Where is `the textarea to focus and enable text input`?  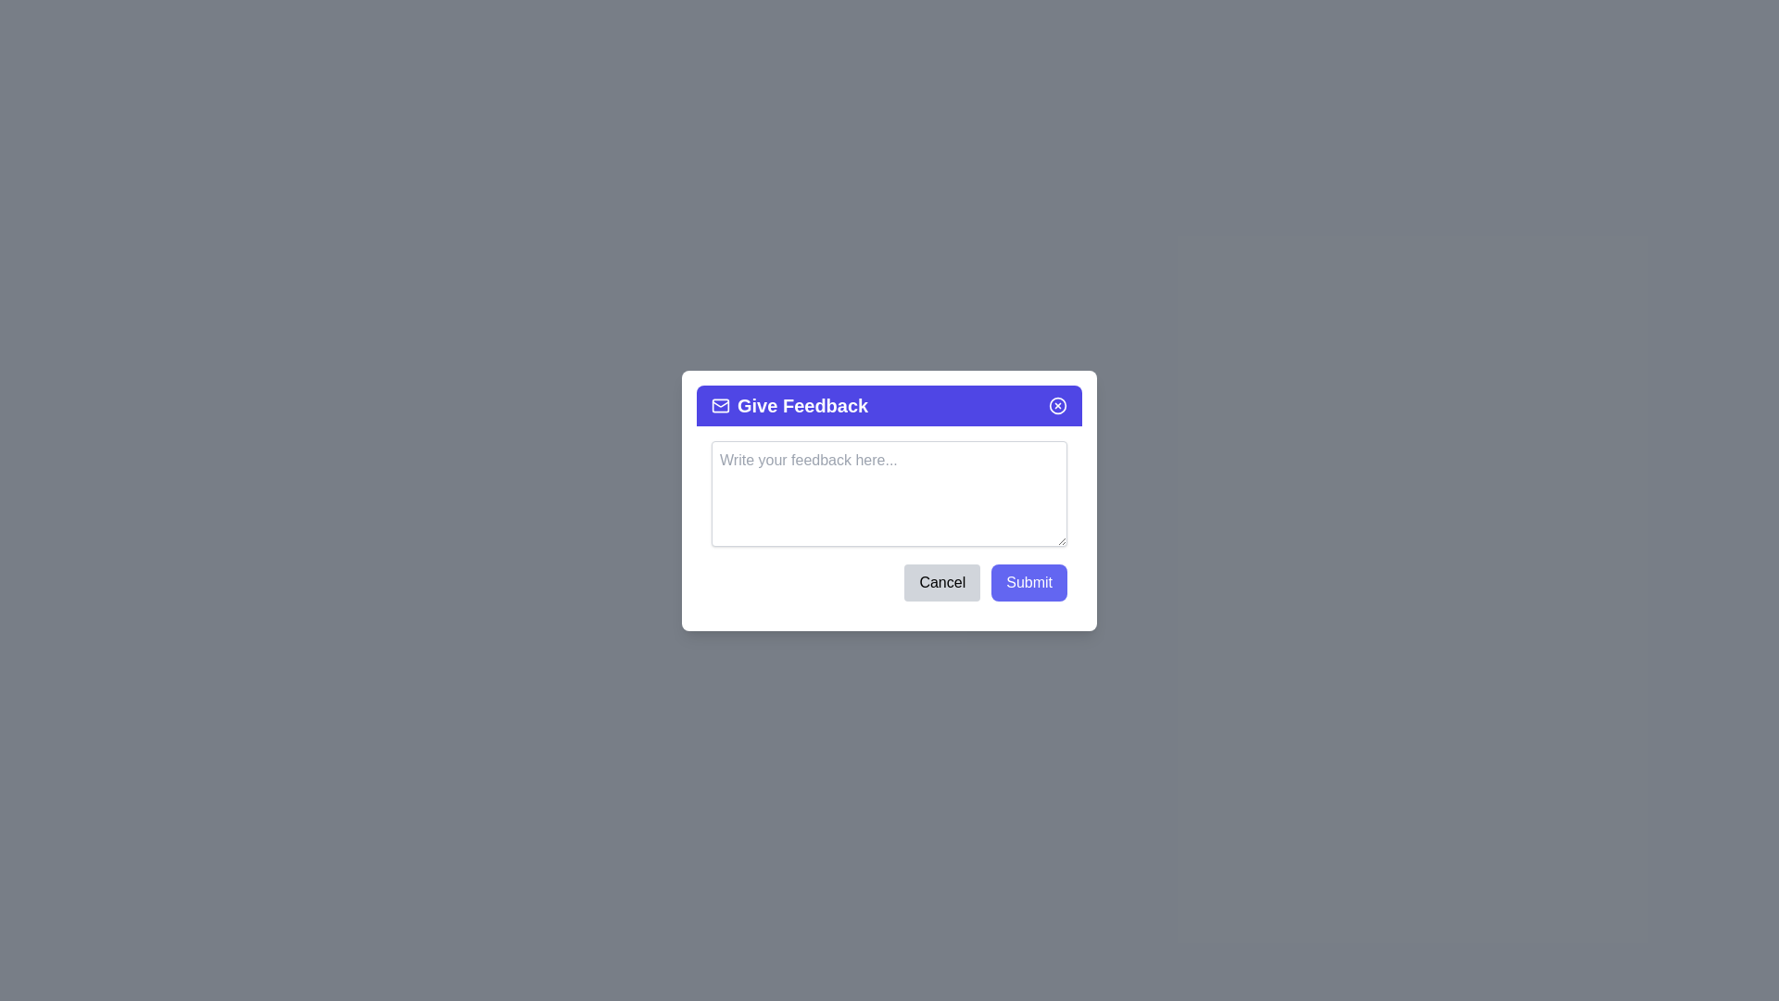 the textarea to focus and enable text input is located at coordinates (889, 492).